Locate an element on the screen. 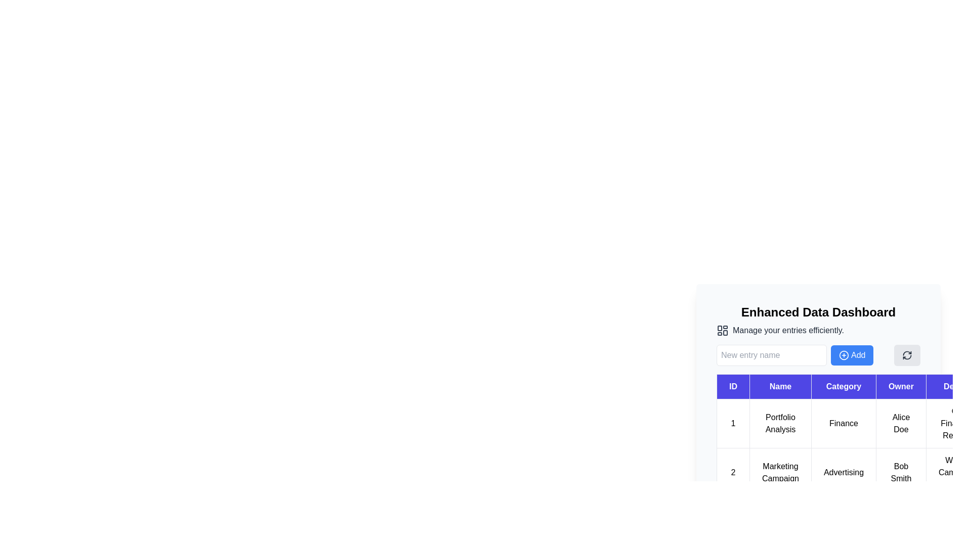 This screenshot has width=971, height=546. the table cell containing the text 'Advertising', which is located in the third column of the second row of a multi-column table is located at coordinates (844, 472).